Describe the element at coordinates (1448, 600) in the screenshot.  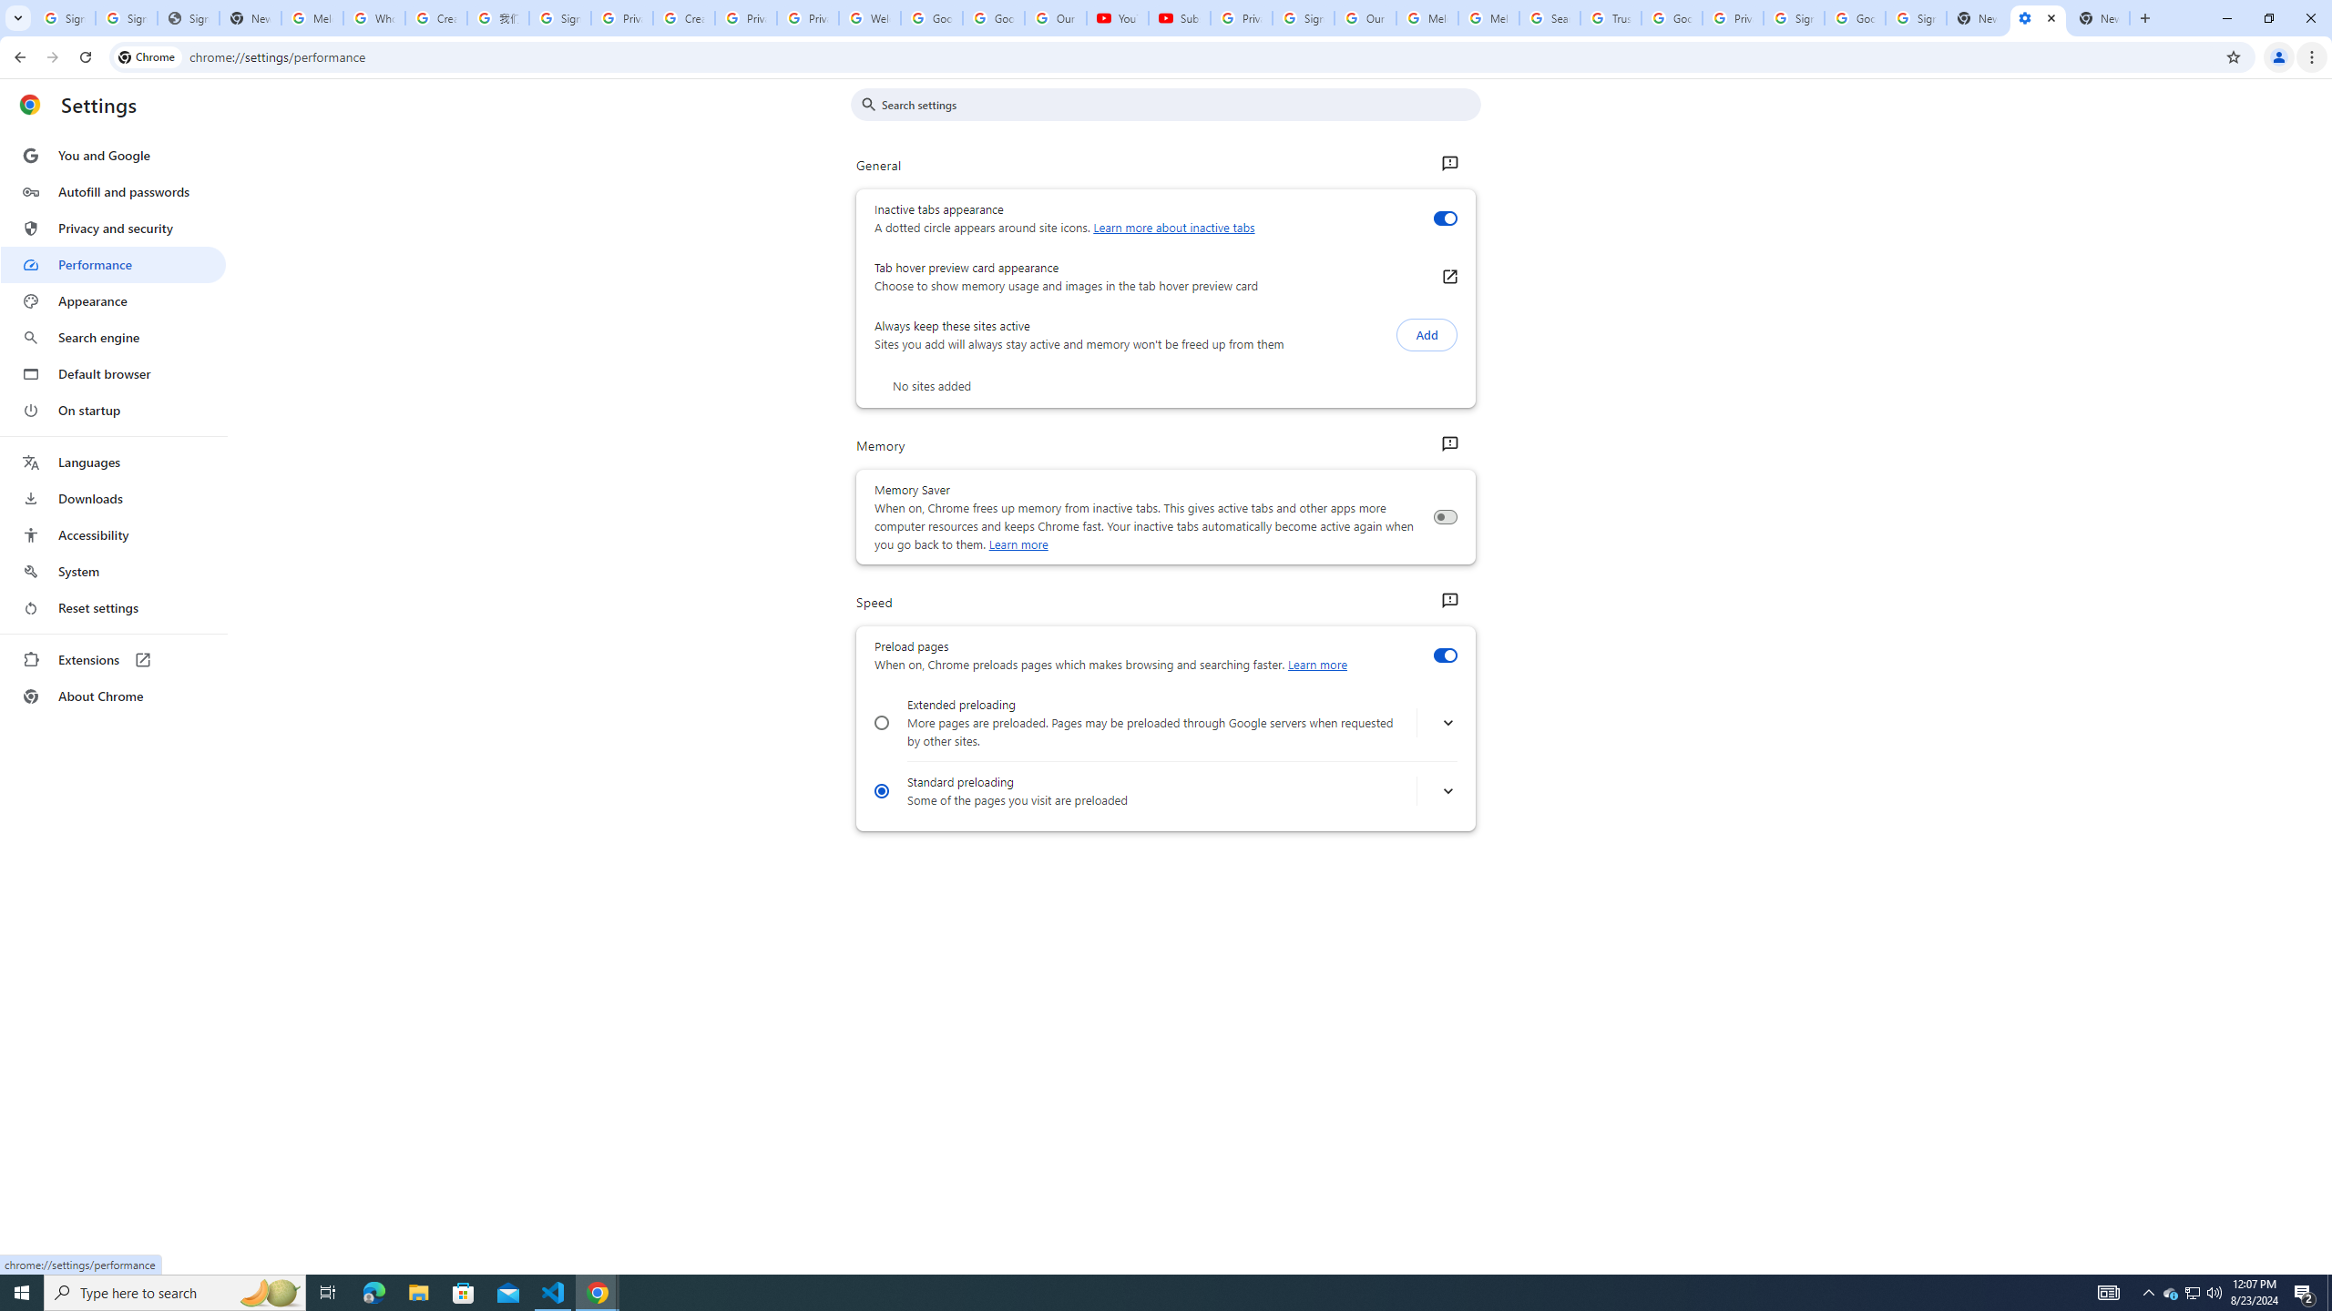
I see `'Speed'` at that location.